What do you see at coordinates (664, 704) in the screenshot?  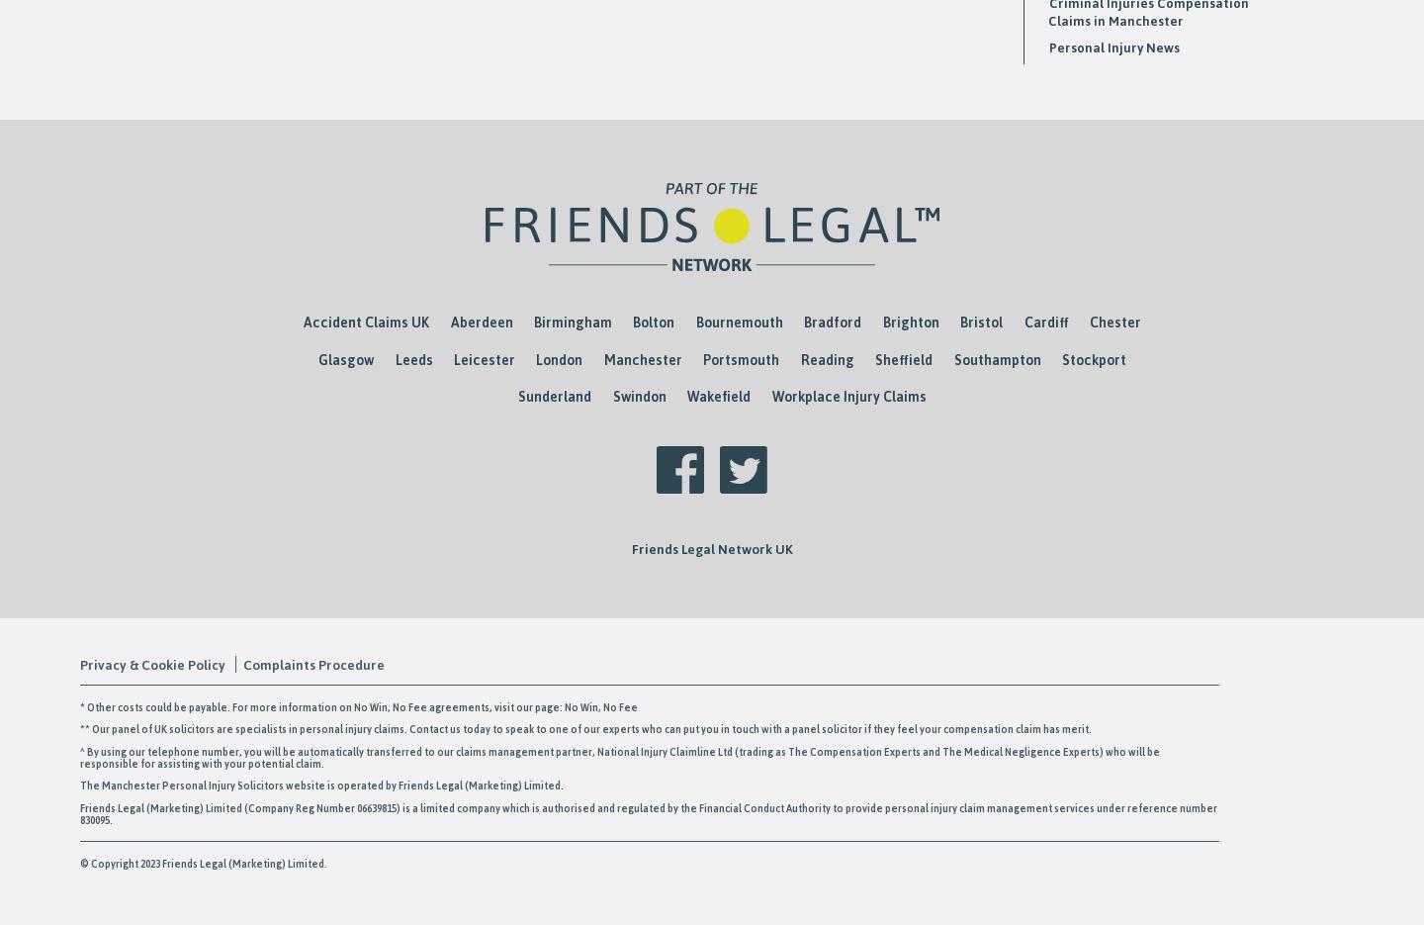 I see `'No Win, No Fee'` at bounding box center [664, 704].